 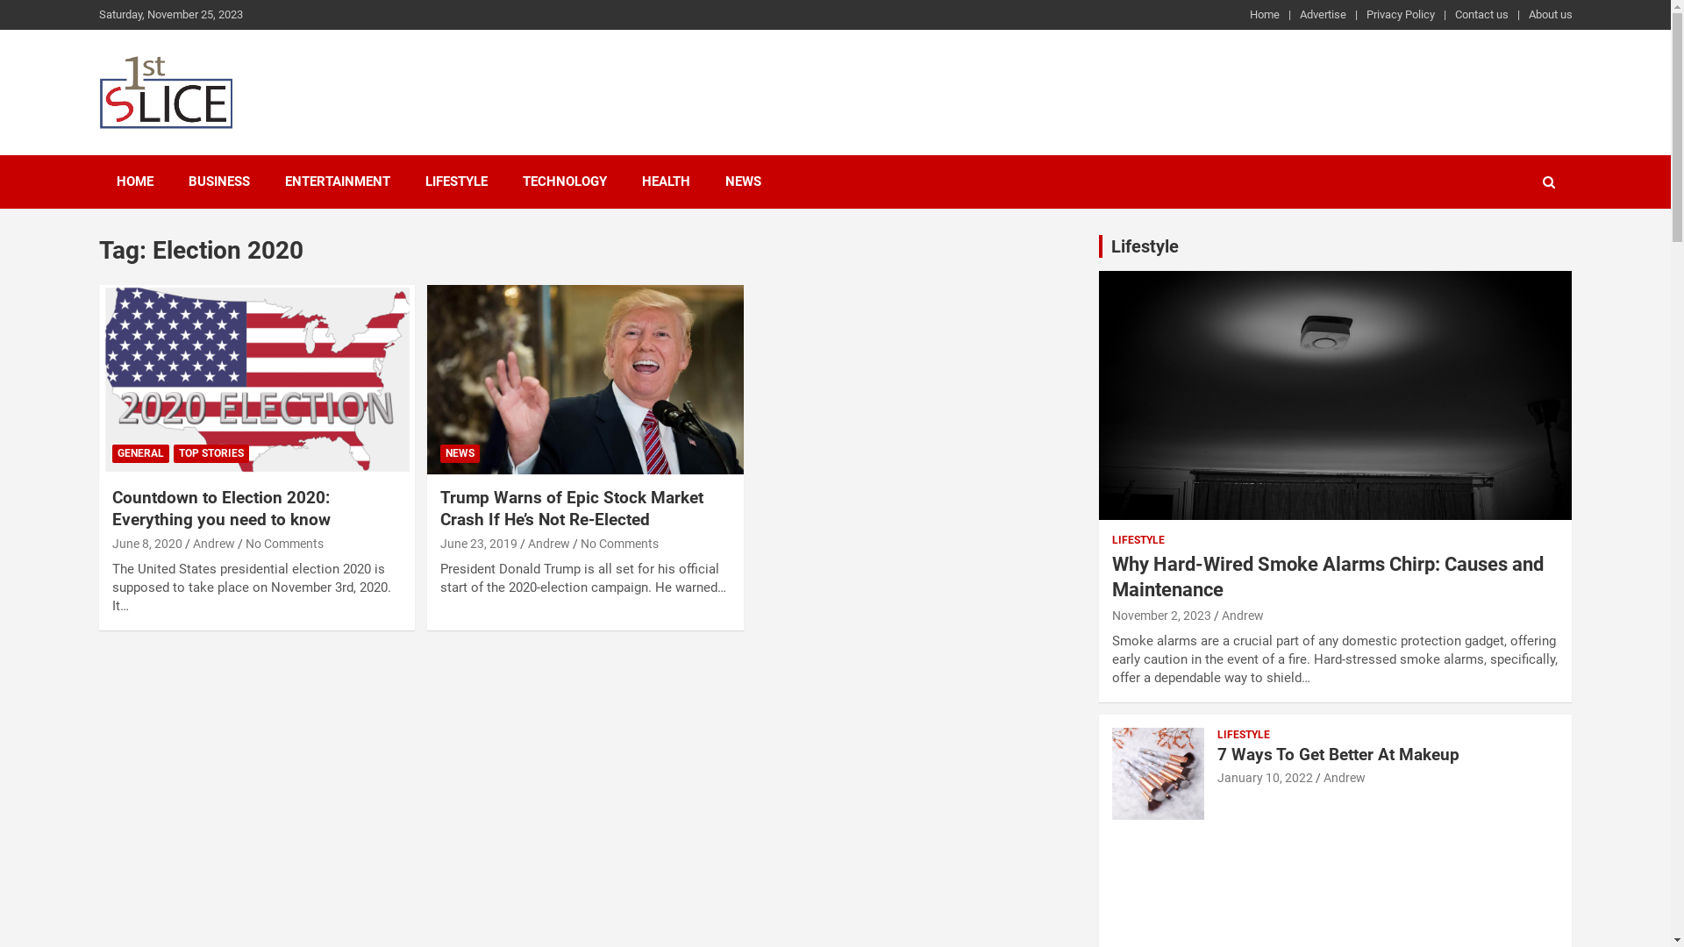 I want to click on 'HOME', so click(x=133, y=182).